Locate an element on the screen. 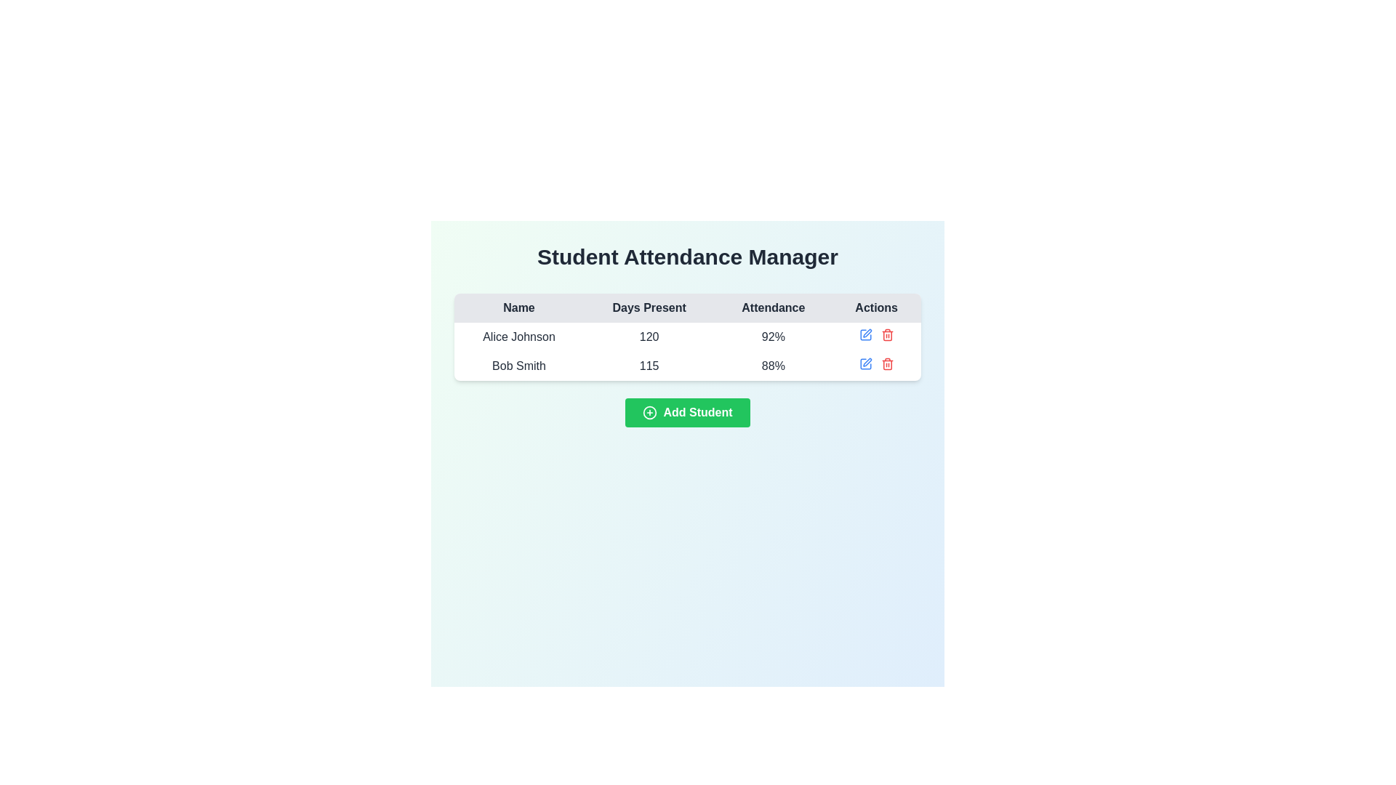  the attendance percentage display showing '92%' for Alice Johnson in the Attendance row is located at coordinates (772, 337).